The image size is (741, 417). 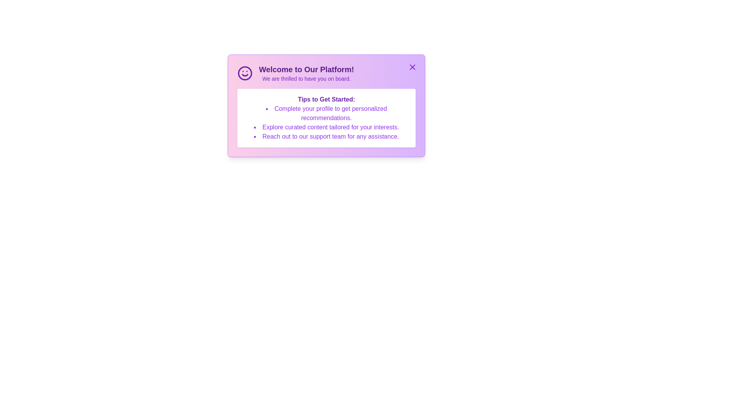 I want to click on the smiley icon to interact with it, so click(x=244, y=73).